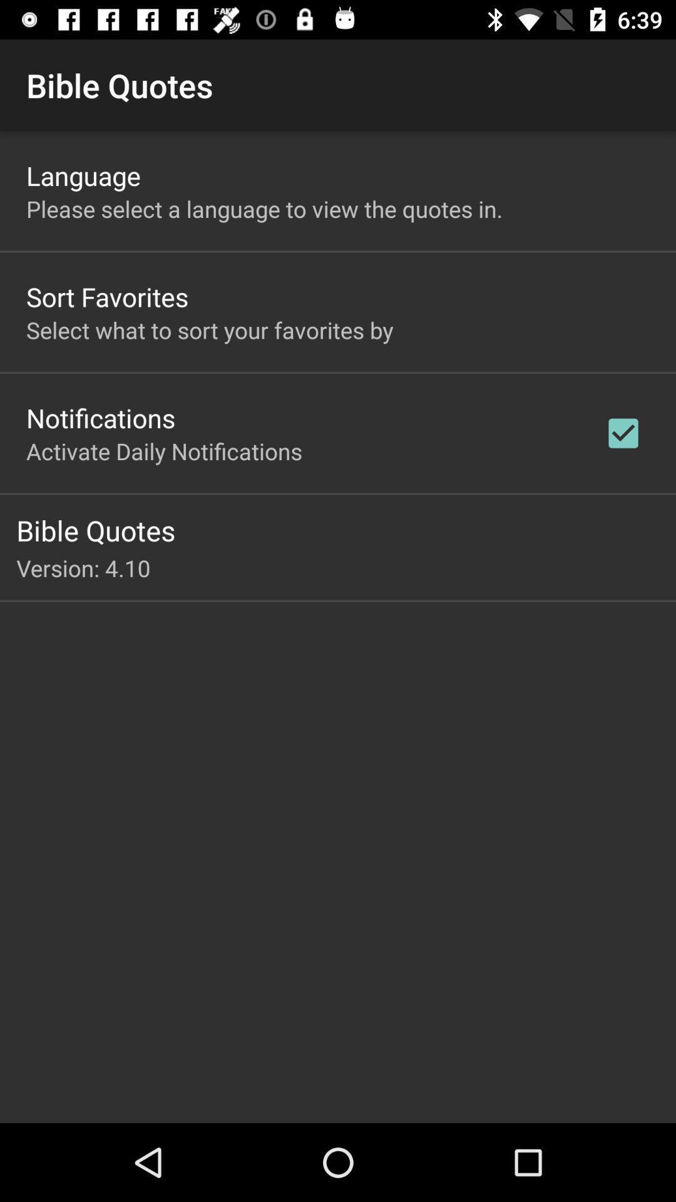 This screenshot has height=1202, width=676. What do you see at coordinates (623, 433) in the screenshot?
I see `the item on the right` at bounding box center [623, 433].